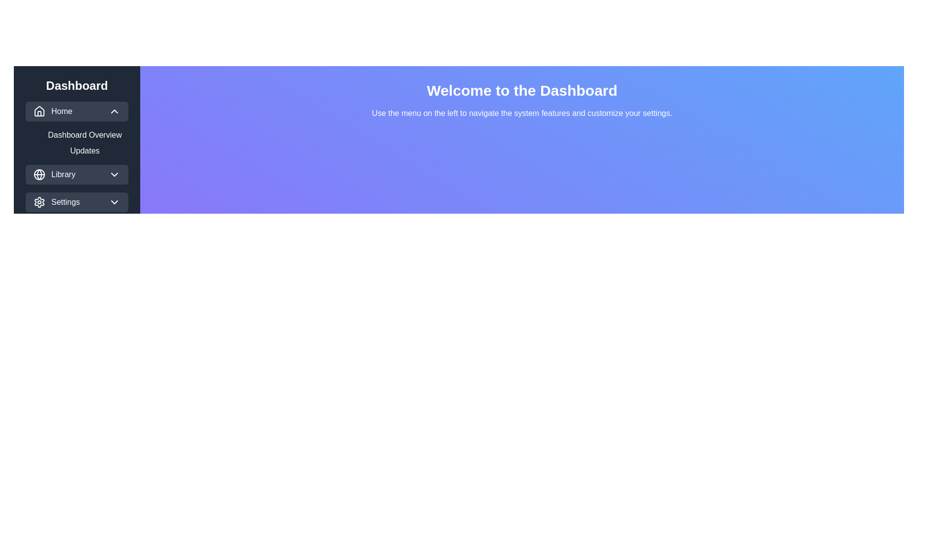  I want to click on the Navigation Menu Item labeled 'Library' which features a globe icon and is the first item in the vertical navigation bar, so click(54, 174).